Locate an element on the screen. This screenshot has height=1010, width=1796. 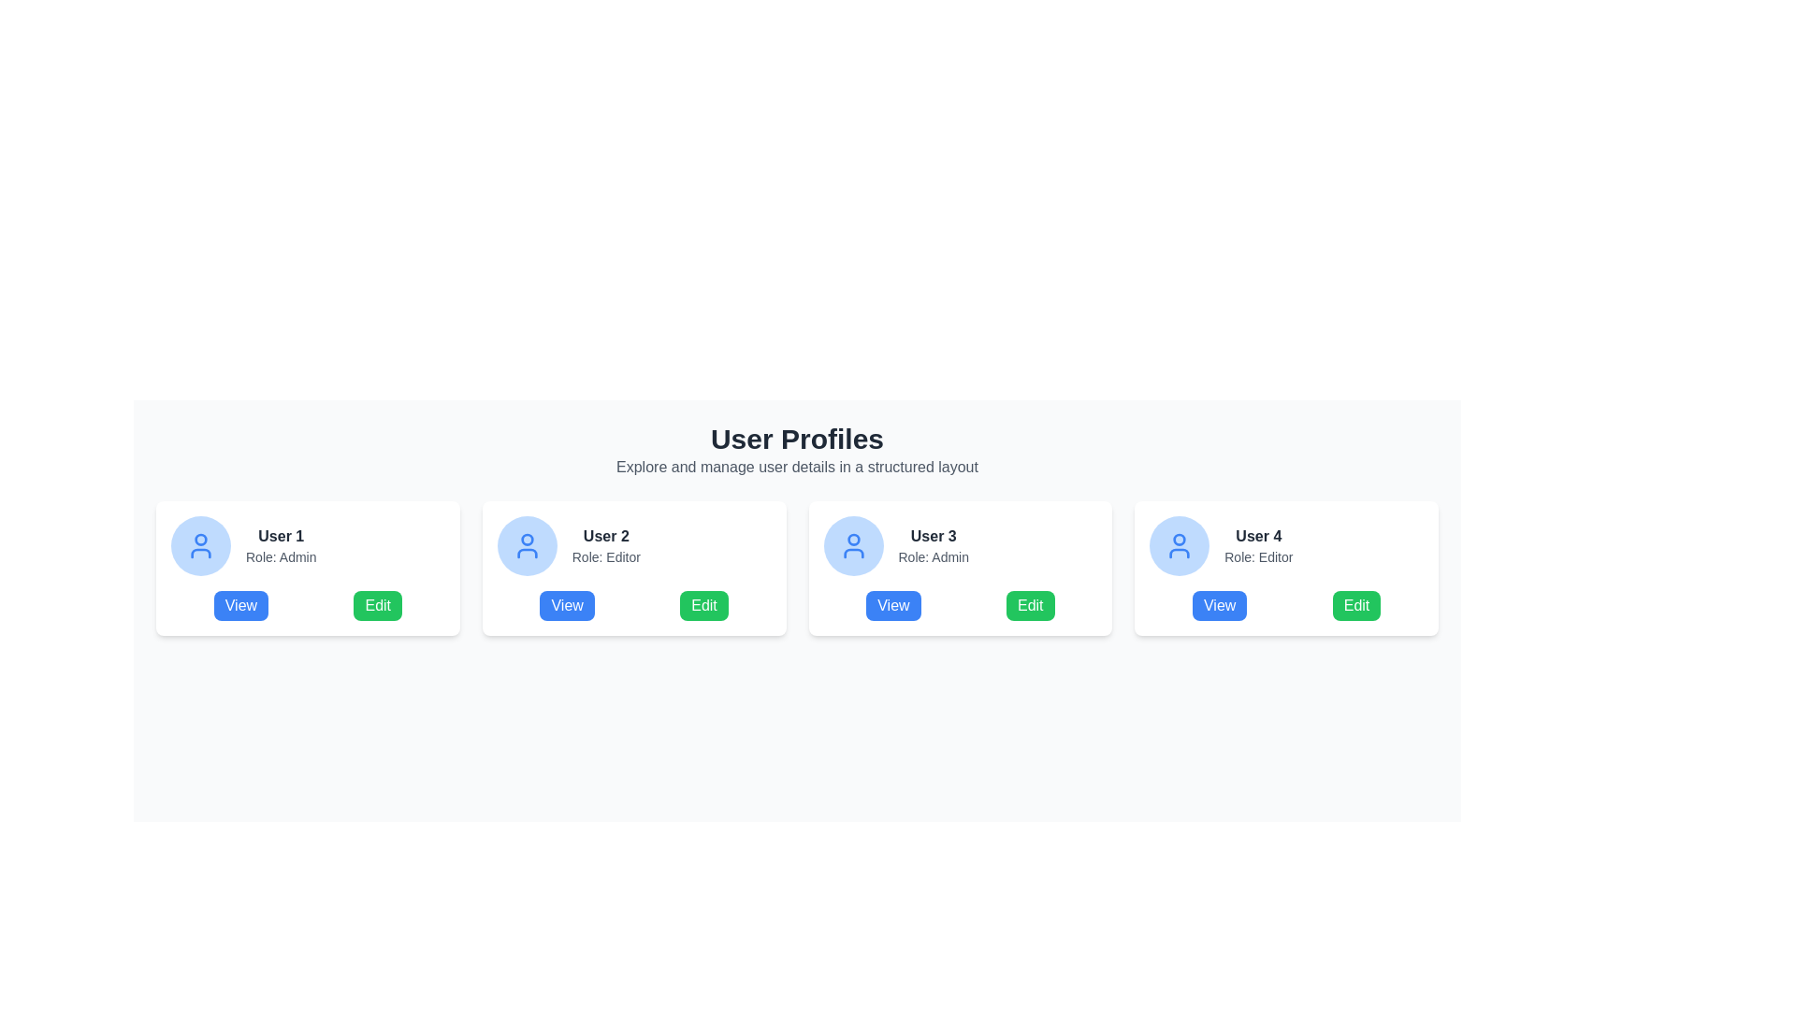
the user profile icon for 'User 3' located in the top-left corner of the information card is located at coordinates (852, 545).